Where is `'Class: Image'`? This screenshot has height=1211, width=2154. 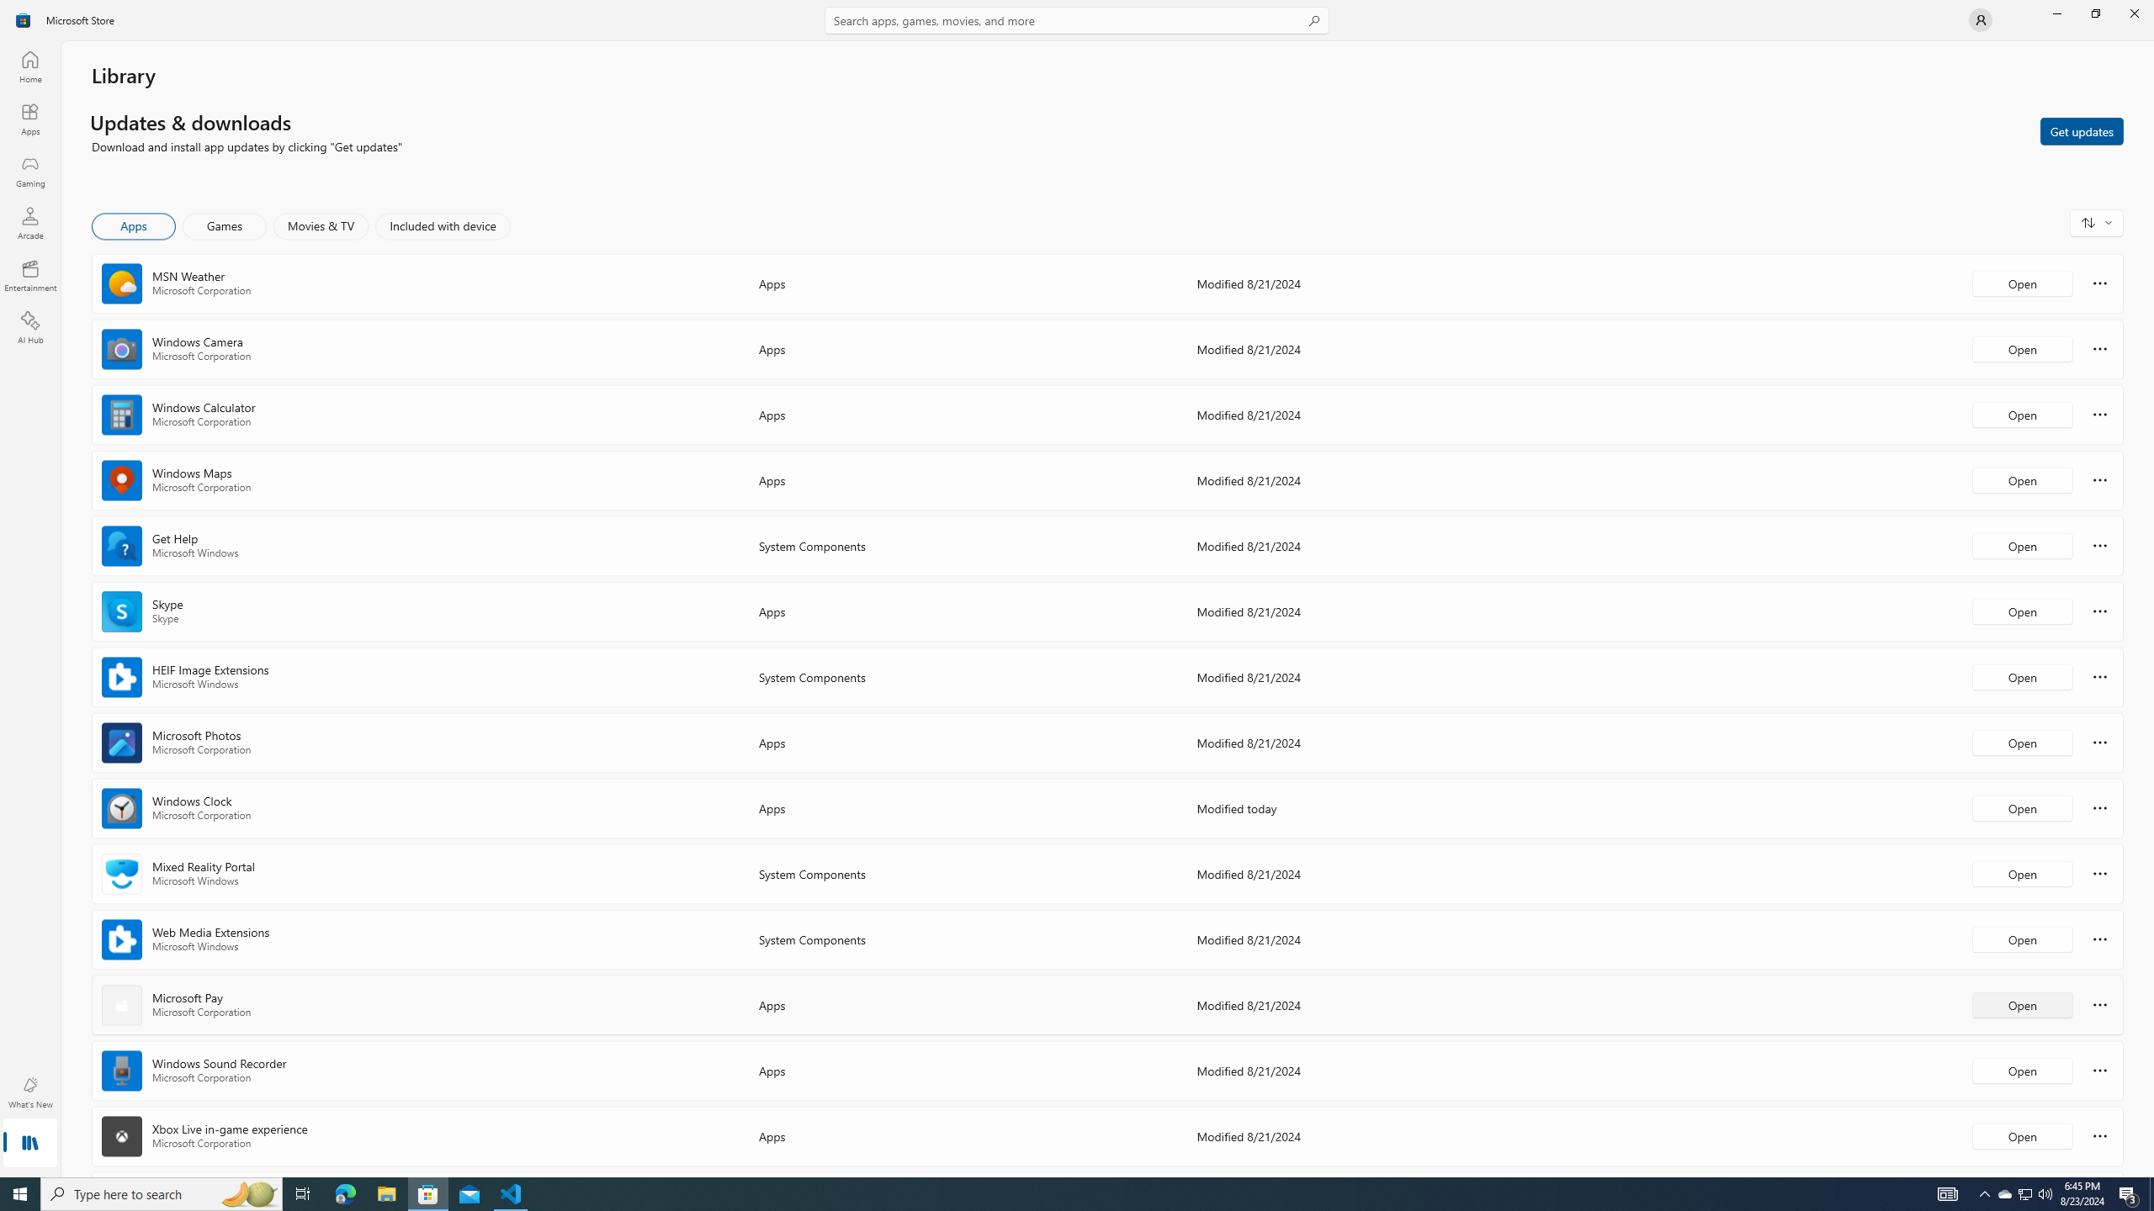
'Class: Image' is located at coordinates (24, 19).